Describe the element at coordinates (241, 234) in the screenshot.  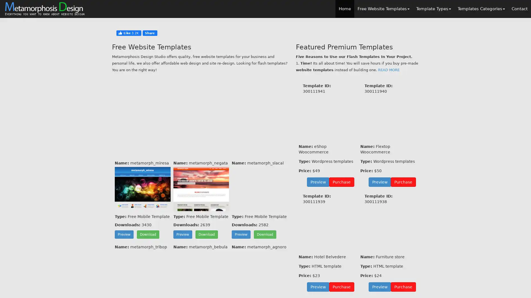
I see `Preview` at that location.